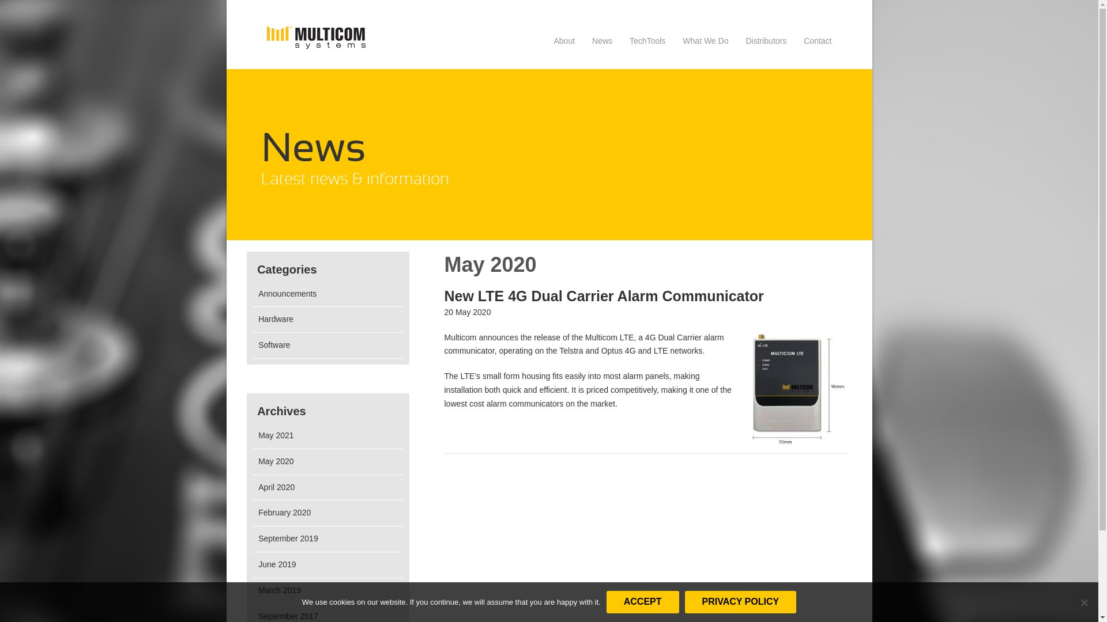  I want to click on 'September 2019', so click(288, 538).